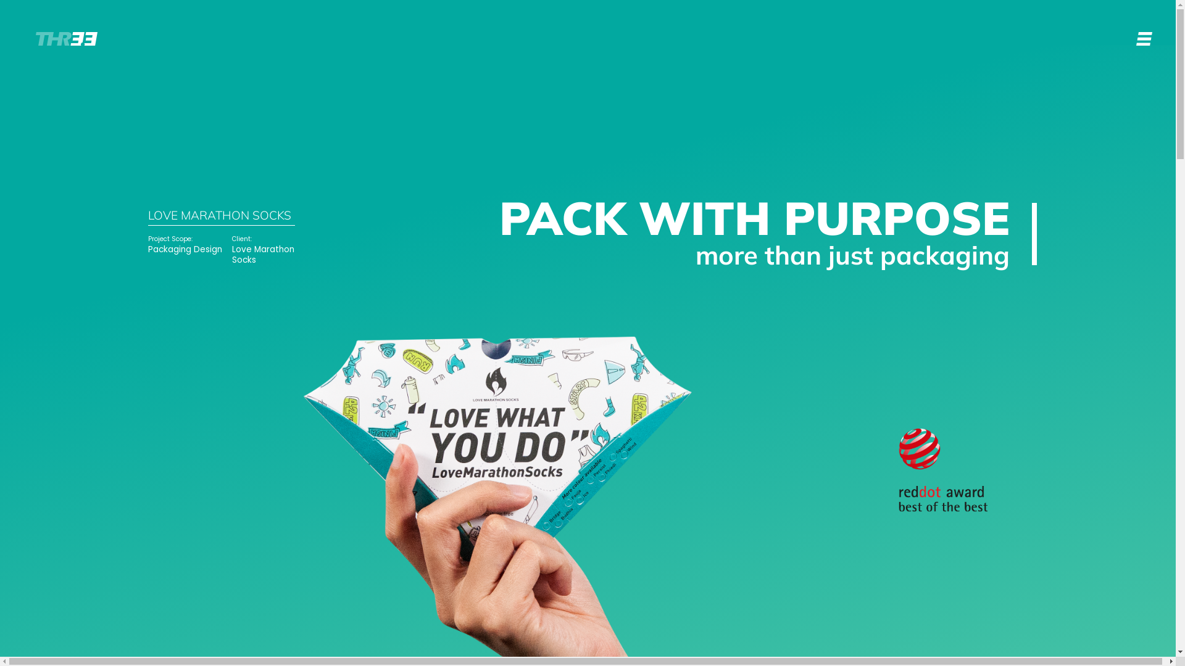 This screenshot has width=1185, height=666. What do you see at coordinates (943, 470) in the screenshot?
I see `'Group 250'` at bounding box center [943, 470].